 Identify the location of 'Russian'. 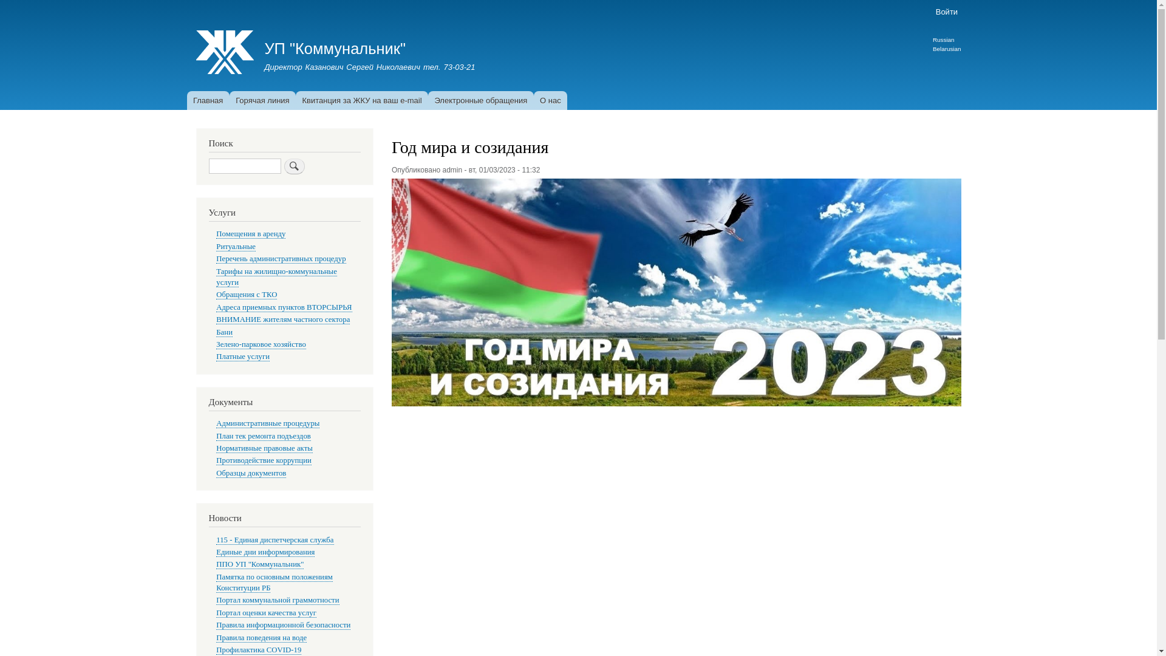
(943, 39).